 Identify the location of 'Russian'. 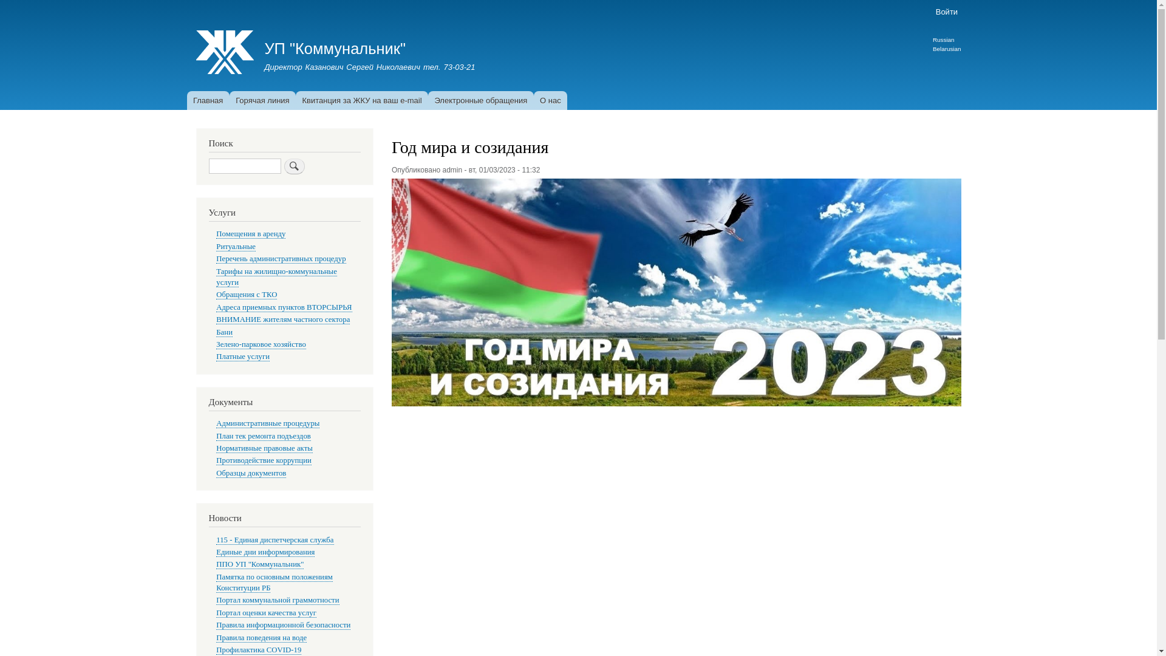
(943, 39).